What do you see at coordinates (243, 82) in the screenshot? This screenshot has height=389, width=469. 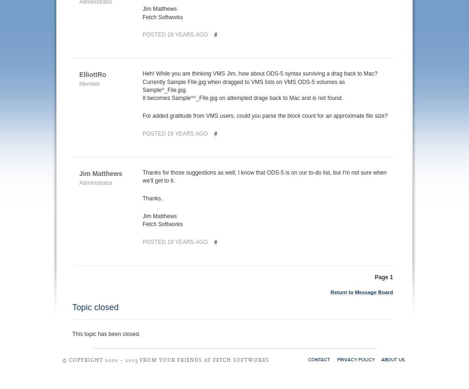 I see `'Currently Sample FIle.jpg when dragged to VMS lists on VMS ODS-5 volumes as'` at bounding box center [243, 82].